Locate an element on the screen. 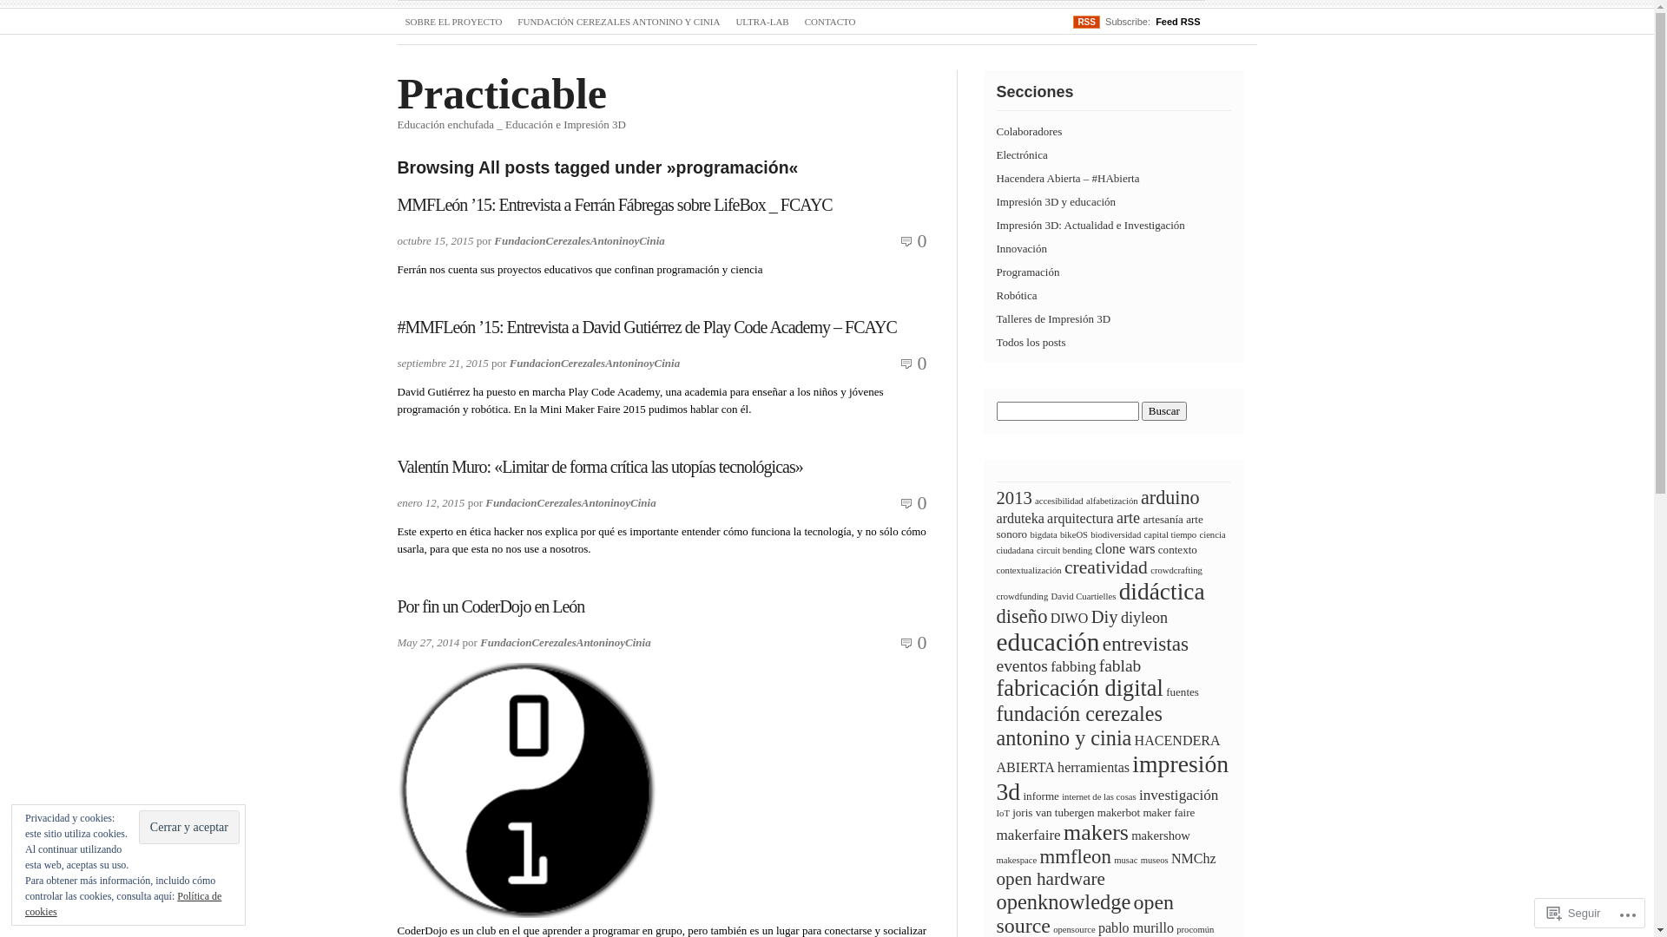  'open hardware' is located at coordinates (1050, 879).